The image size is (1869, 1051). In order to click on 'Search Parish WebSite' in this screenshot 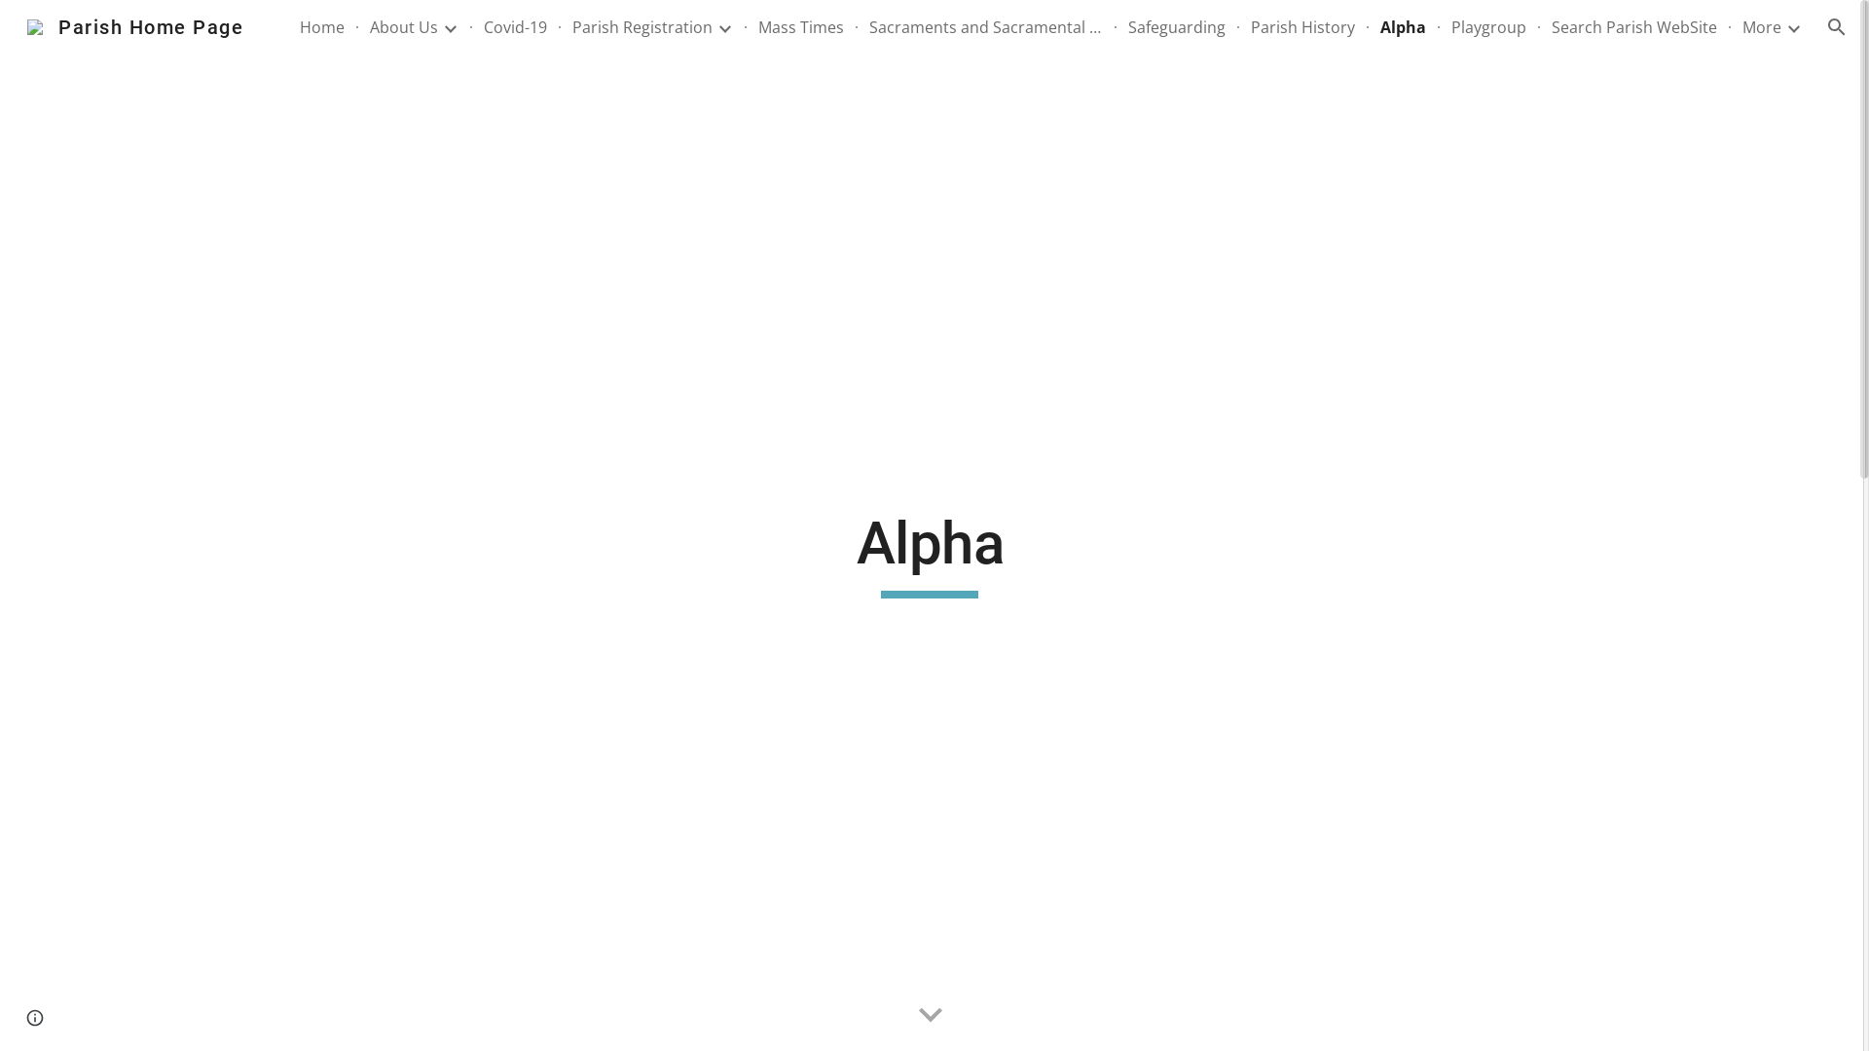, I will do `click(1634, 26)`.